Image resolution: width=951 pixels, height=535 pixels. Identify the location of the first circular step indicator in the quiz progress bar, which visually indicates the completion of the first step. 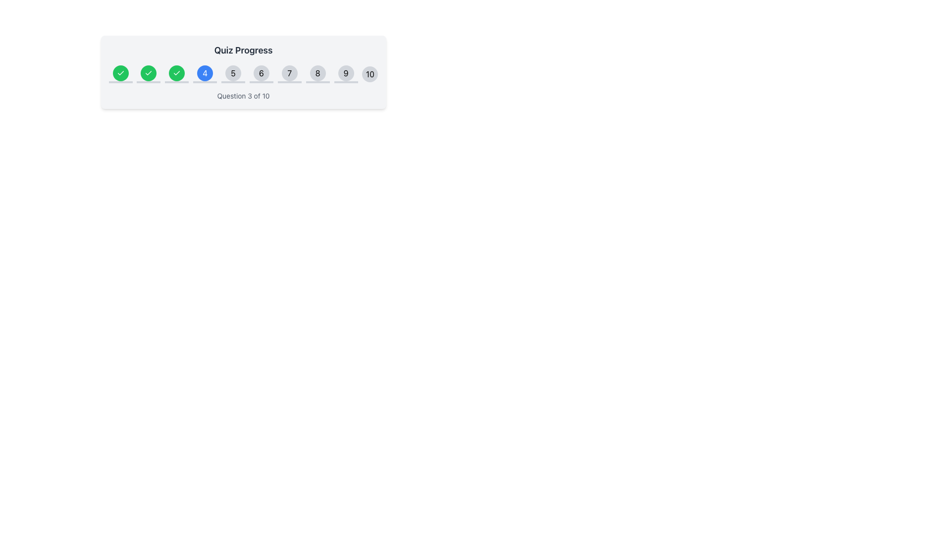
(120, 74).